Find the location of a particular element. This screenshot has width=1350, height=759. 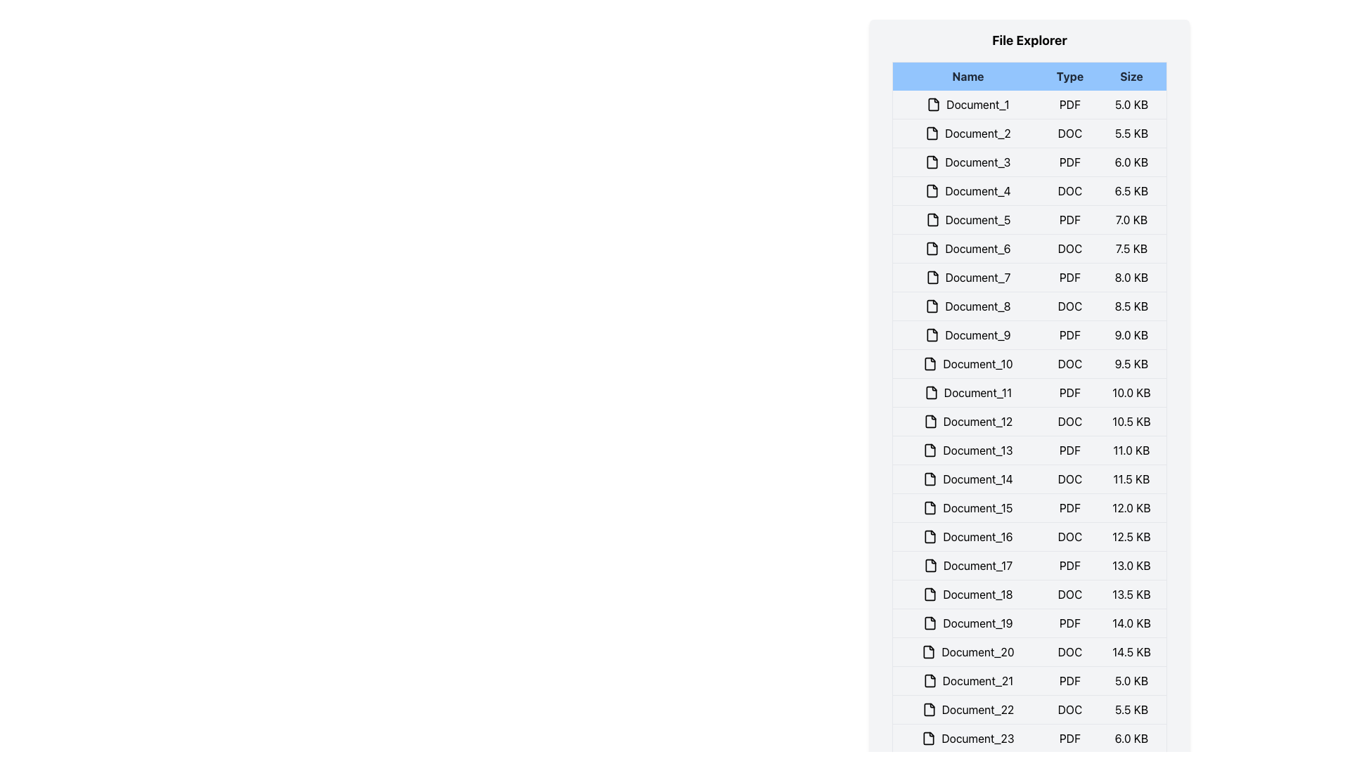

the document icon represented as a small rectangular icon with a white center and dark outlines, located to the left of the label 'Document_9' in the file explorer interface is located at coordinates (932, 335).